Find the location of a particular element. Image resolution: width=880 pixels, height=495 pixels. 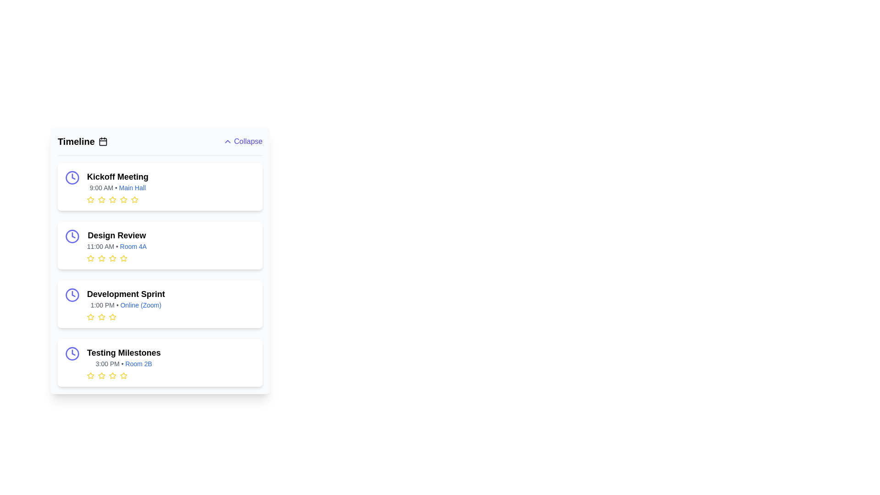

location information from the 'Main Hall' label, which is part of the 'Kickoff Meeting' section in the timeline view is located at coordinates (132, 187).